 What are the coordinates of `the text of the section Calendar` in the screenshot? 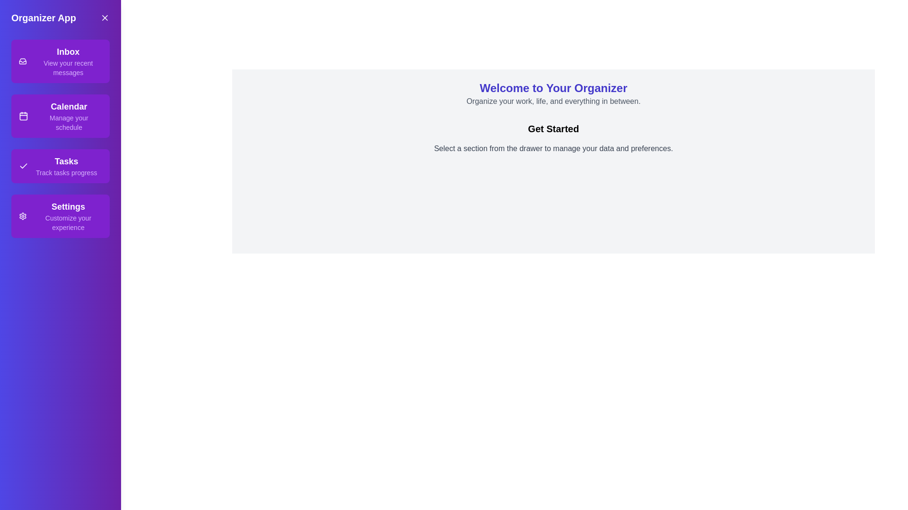 It's located at (60, 116).